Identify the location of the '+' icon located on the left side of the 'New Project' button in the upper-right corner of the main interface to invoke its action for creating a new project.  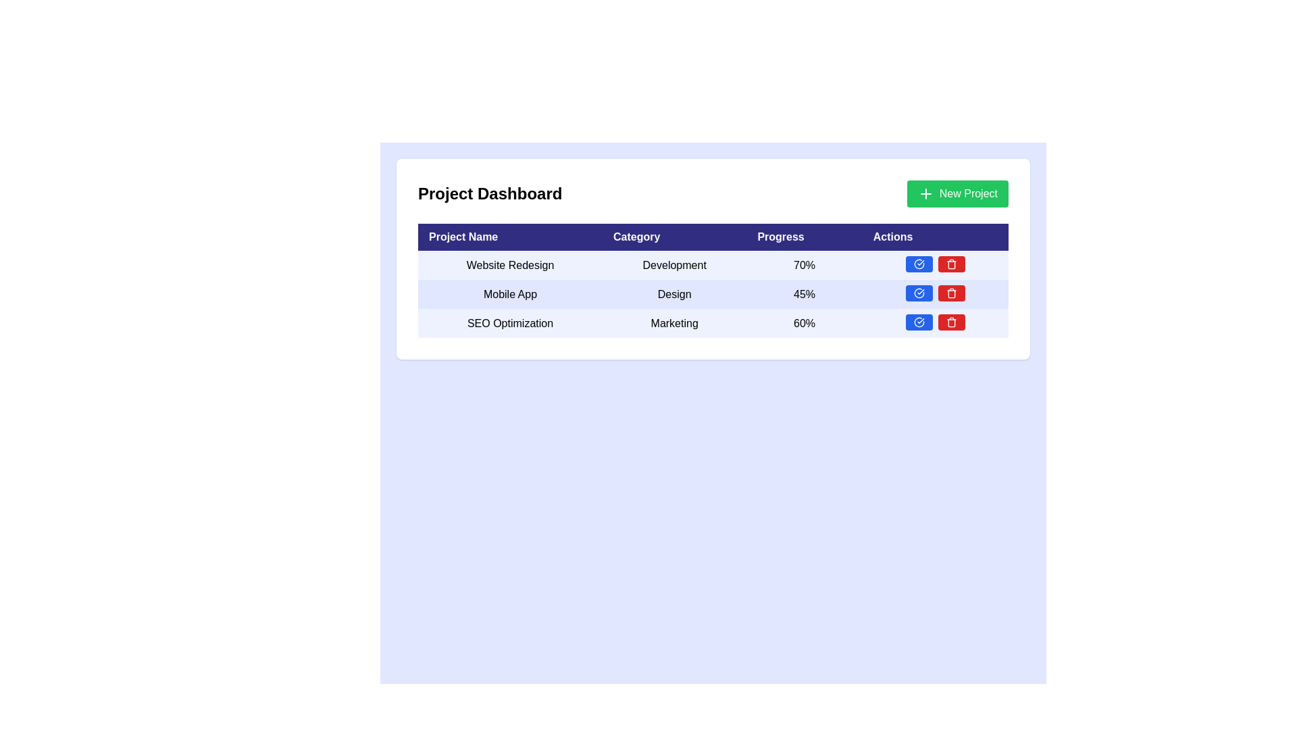
(925, 193).